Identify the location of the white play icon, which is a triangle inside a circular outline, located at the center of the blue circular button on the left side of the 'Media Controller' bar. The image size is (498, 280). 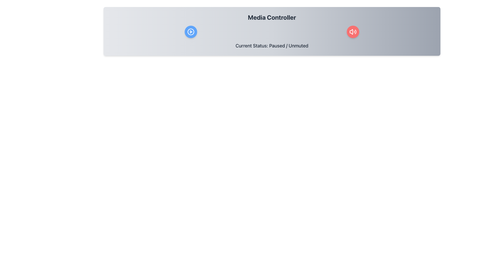
(190, 32).